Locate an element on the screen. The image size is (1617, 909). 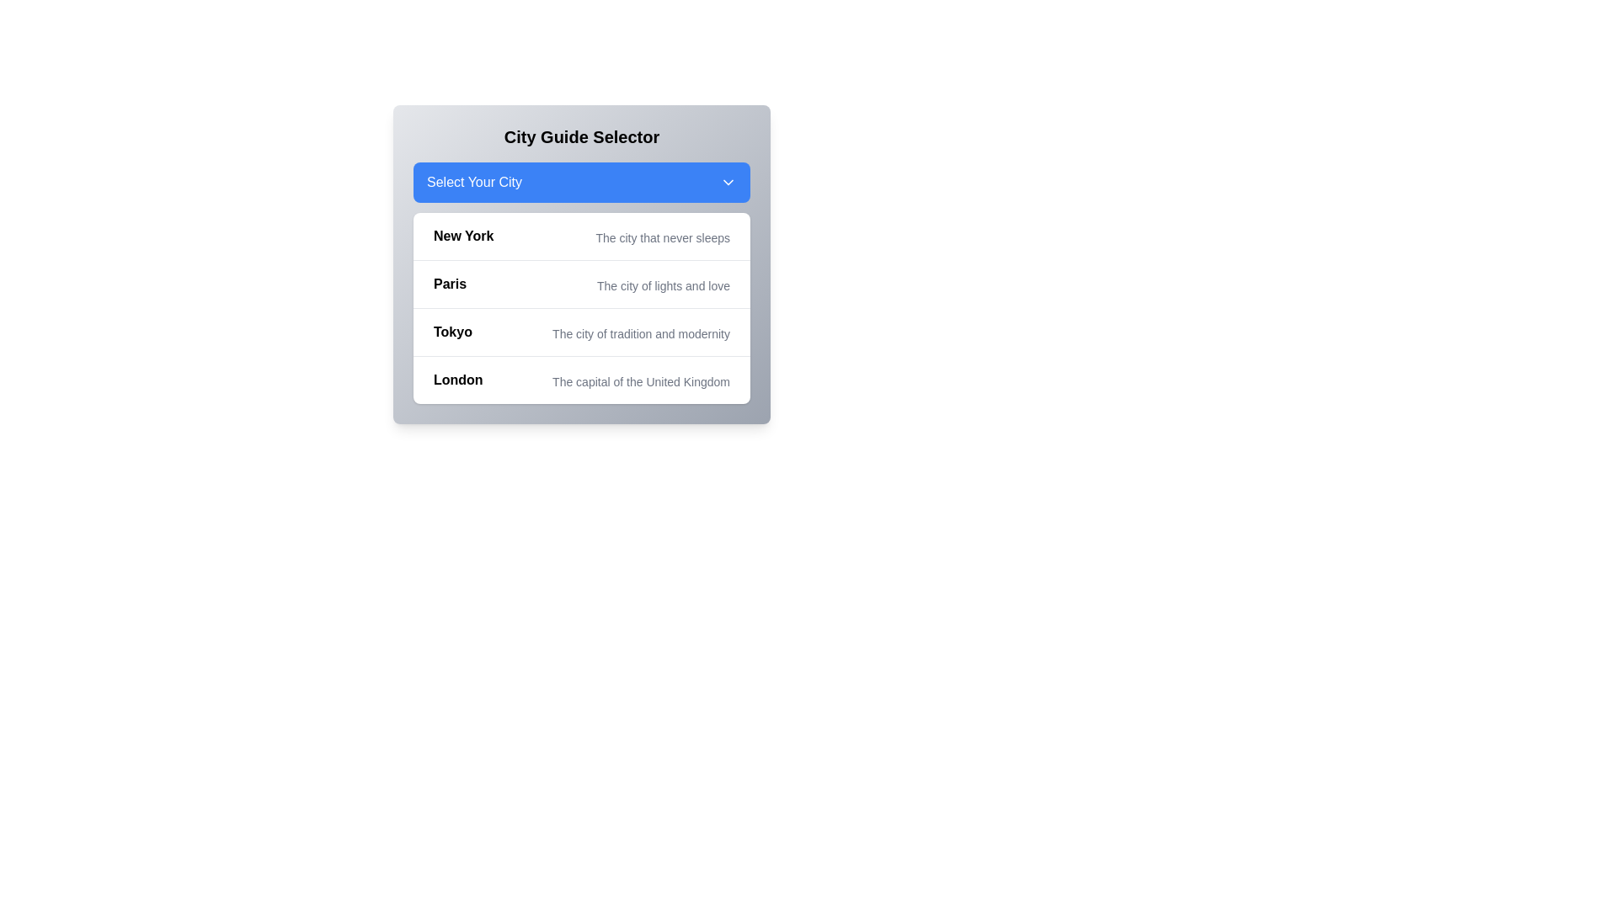
the text label displaying 'Paris' in bold, which is located in the second row of the dropdown selection interface under 'Select Your City' is located at coordinates (450, 284).